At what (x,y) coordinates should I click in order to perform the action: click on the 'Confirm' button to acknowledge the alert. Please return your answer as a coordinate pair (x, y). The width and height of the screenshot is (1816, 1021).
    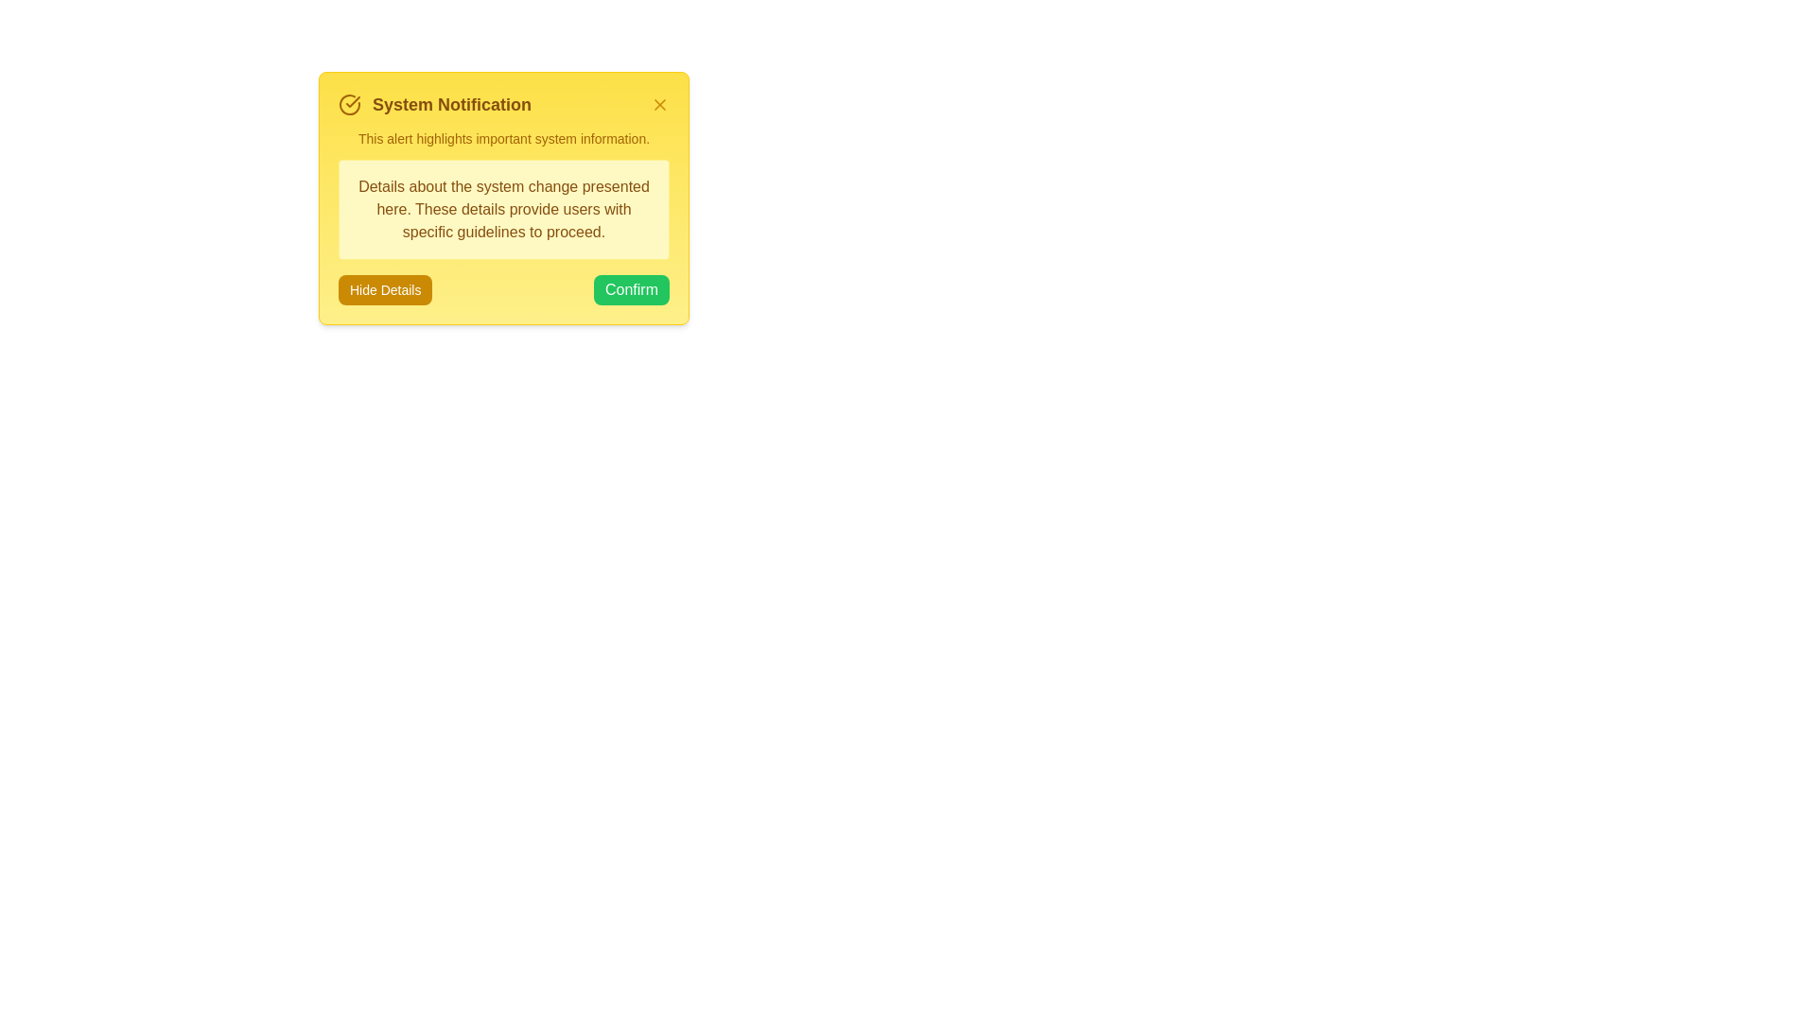
    Looking at the image, I should click on (631, 290).